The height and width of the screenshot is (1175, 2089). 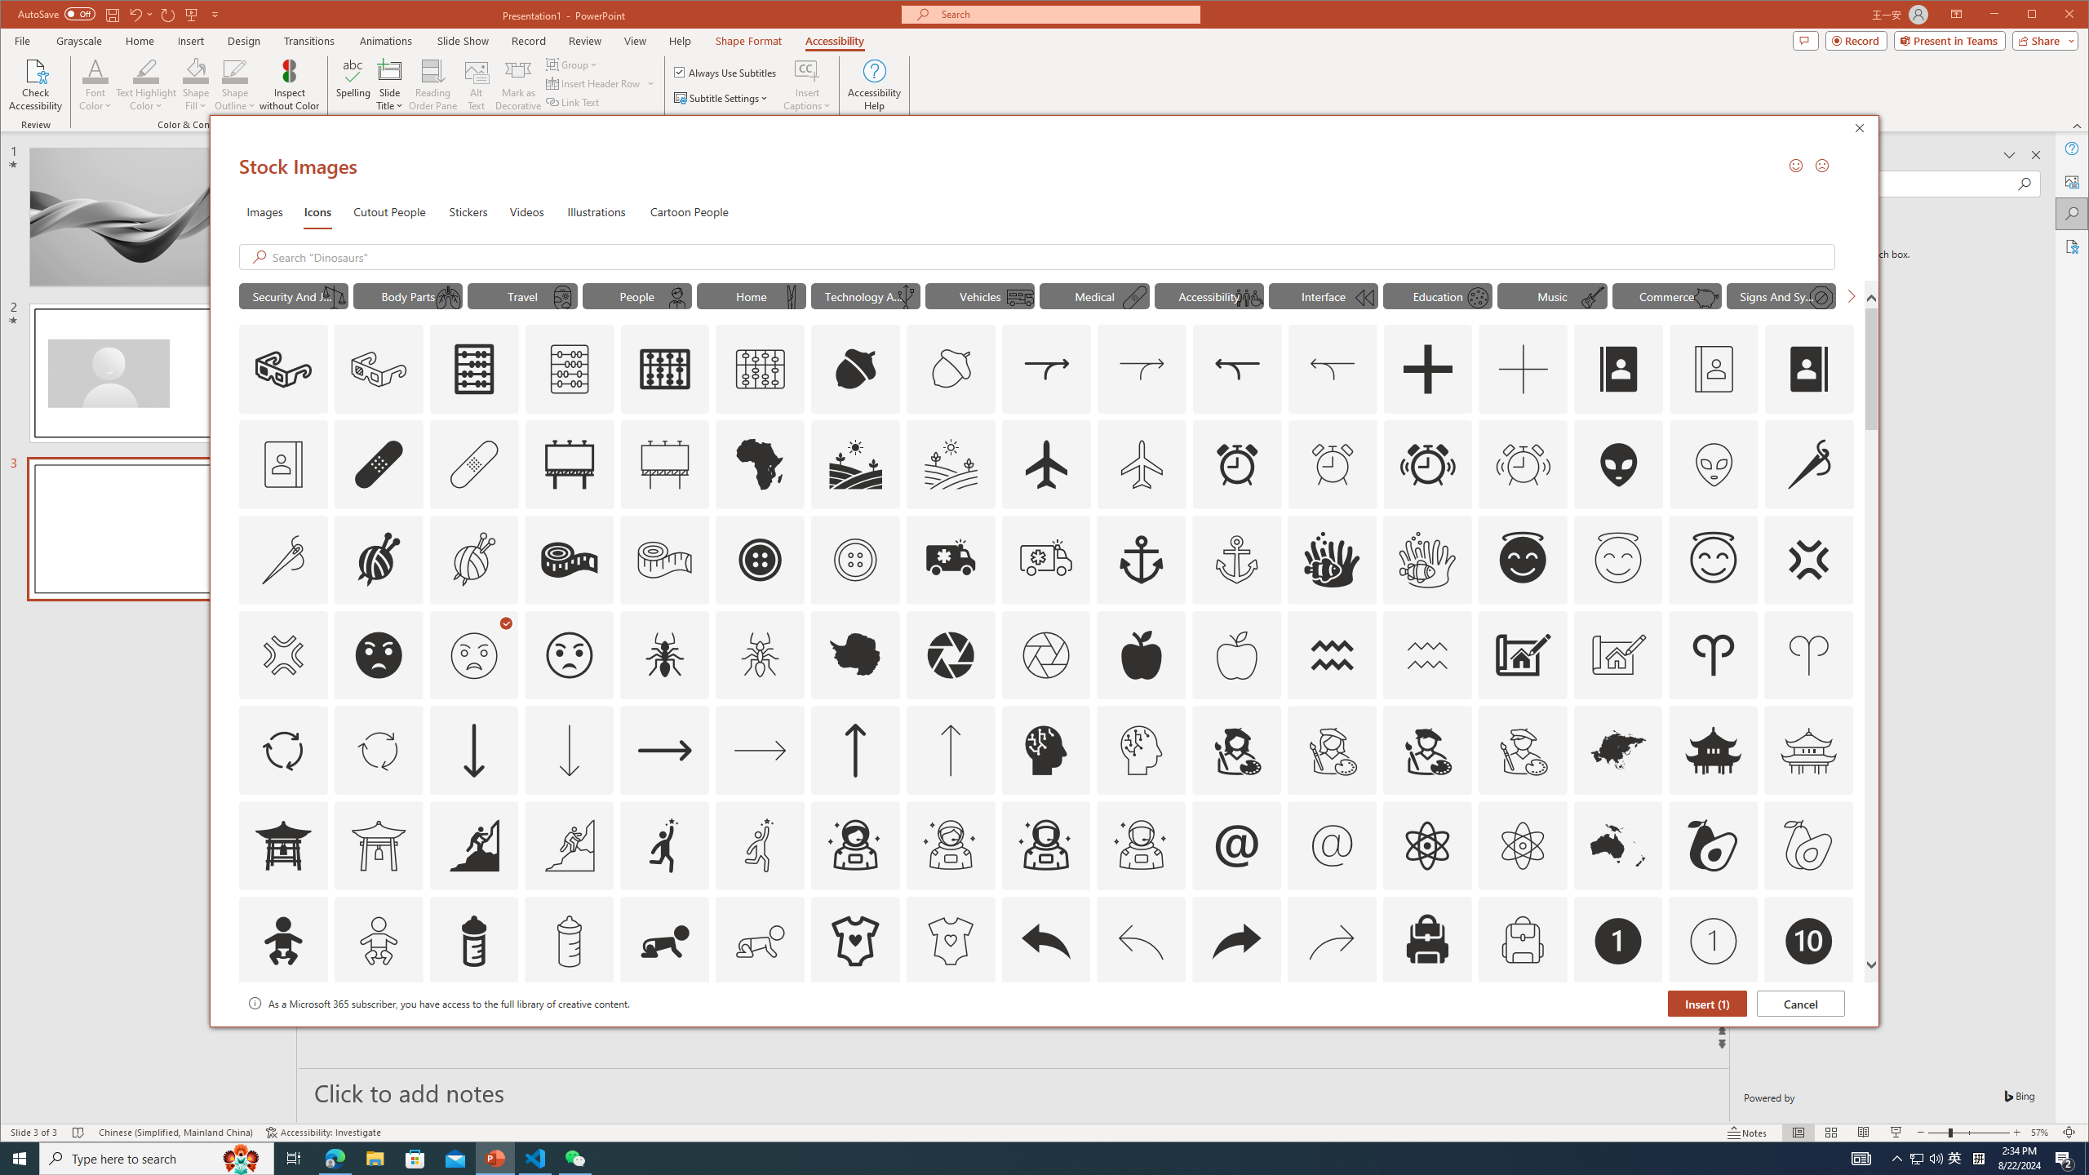 I want to click on 'AutomationID: Icons_BabyCrawling', so click(x=664, y=940).